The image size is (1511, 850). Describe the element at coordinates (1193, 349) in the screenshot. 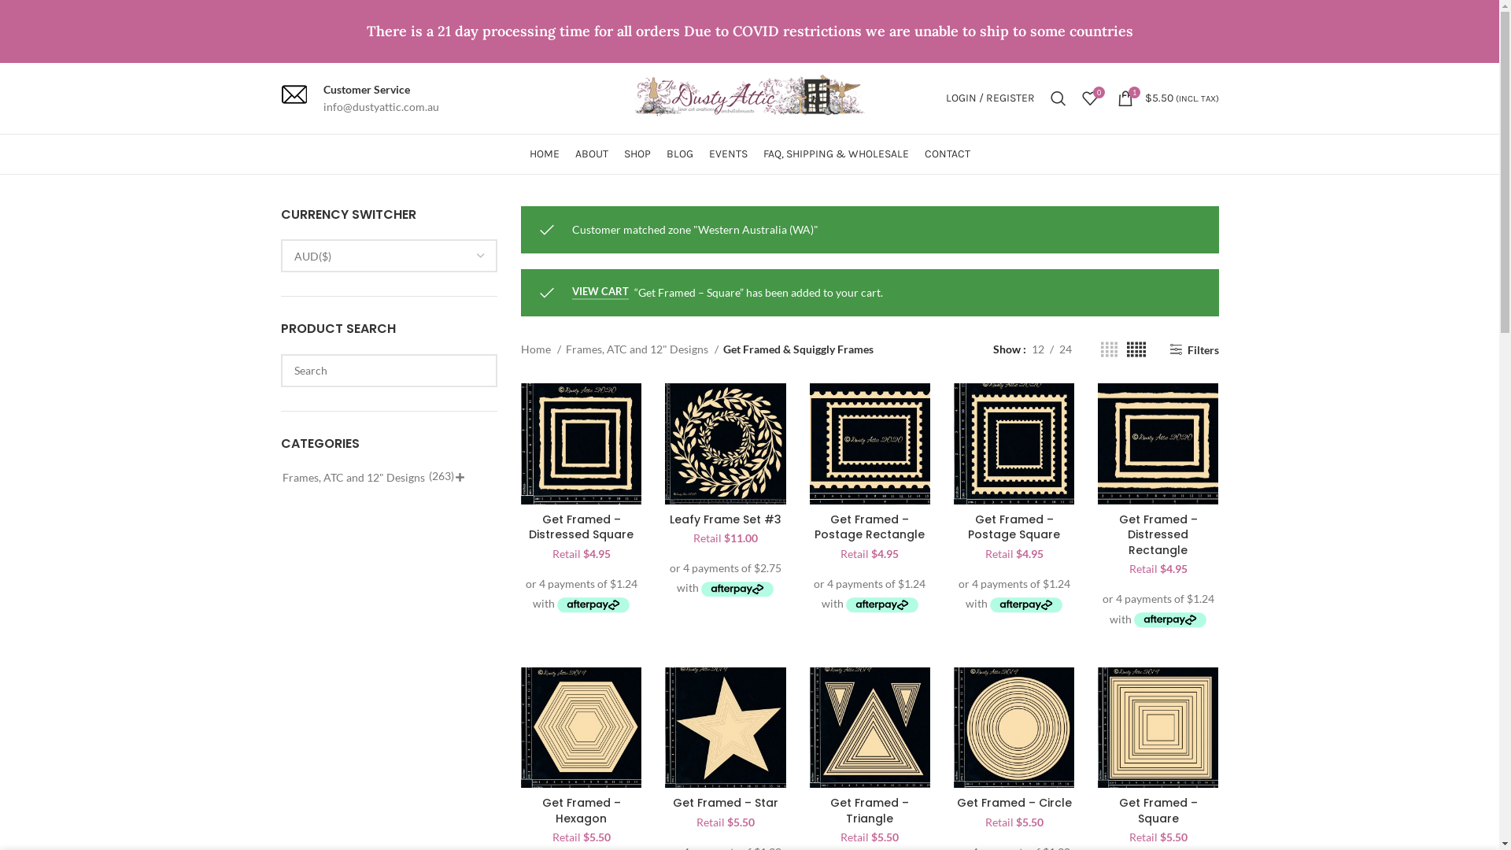

I see `'Filters'` at that location.